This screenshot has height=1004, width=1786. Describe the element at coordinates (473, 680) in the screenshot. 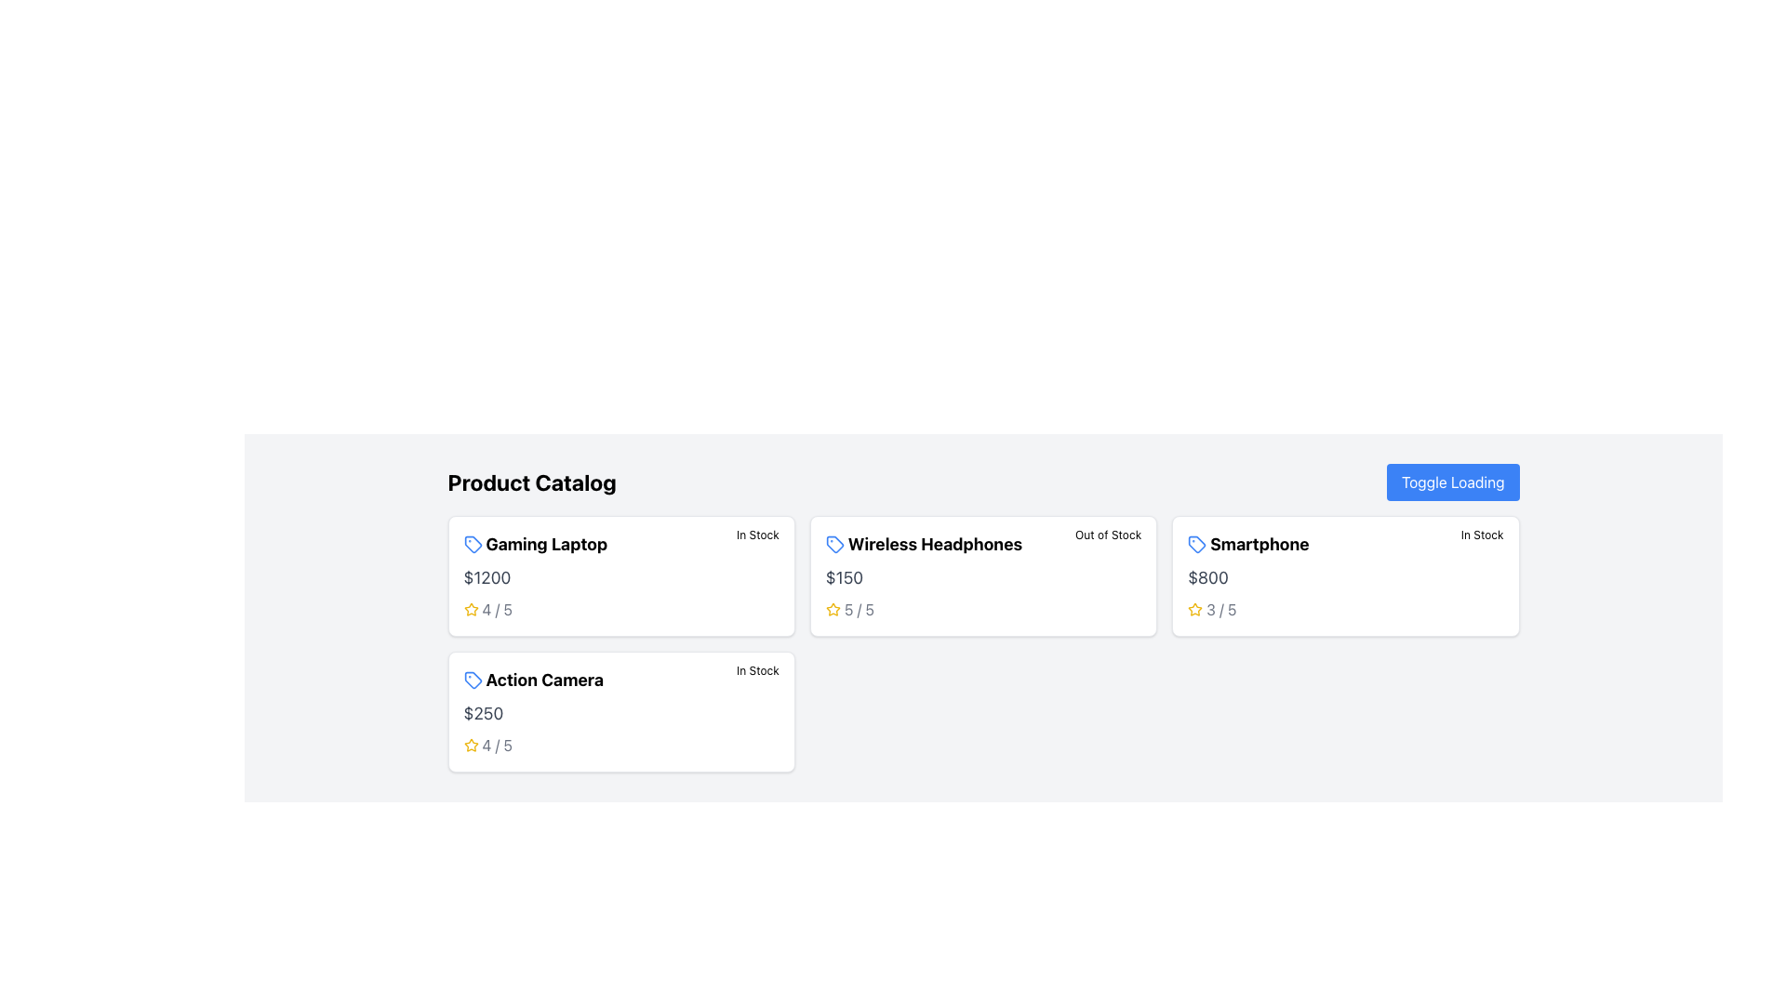

I see `the price tag icon representing the 'Action Camera' product in the catalog, located in the top-left corner of the product card in the second row` at that location.